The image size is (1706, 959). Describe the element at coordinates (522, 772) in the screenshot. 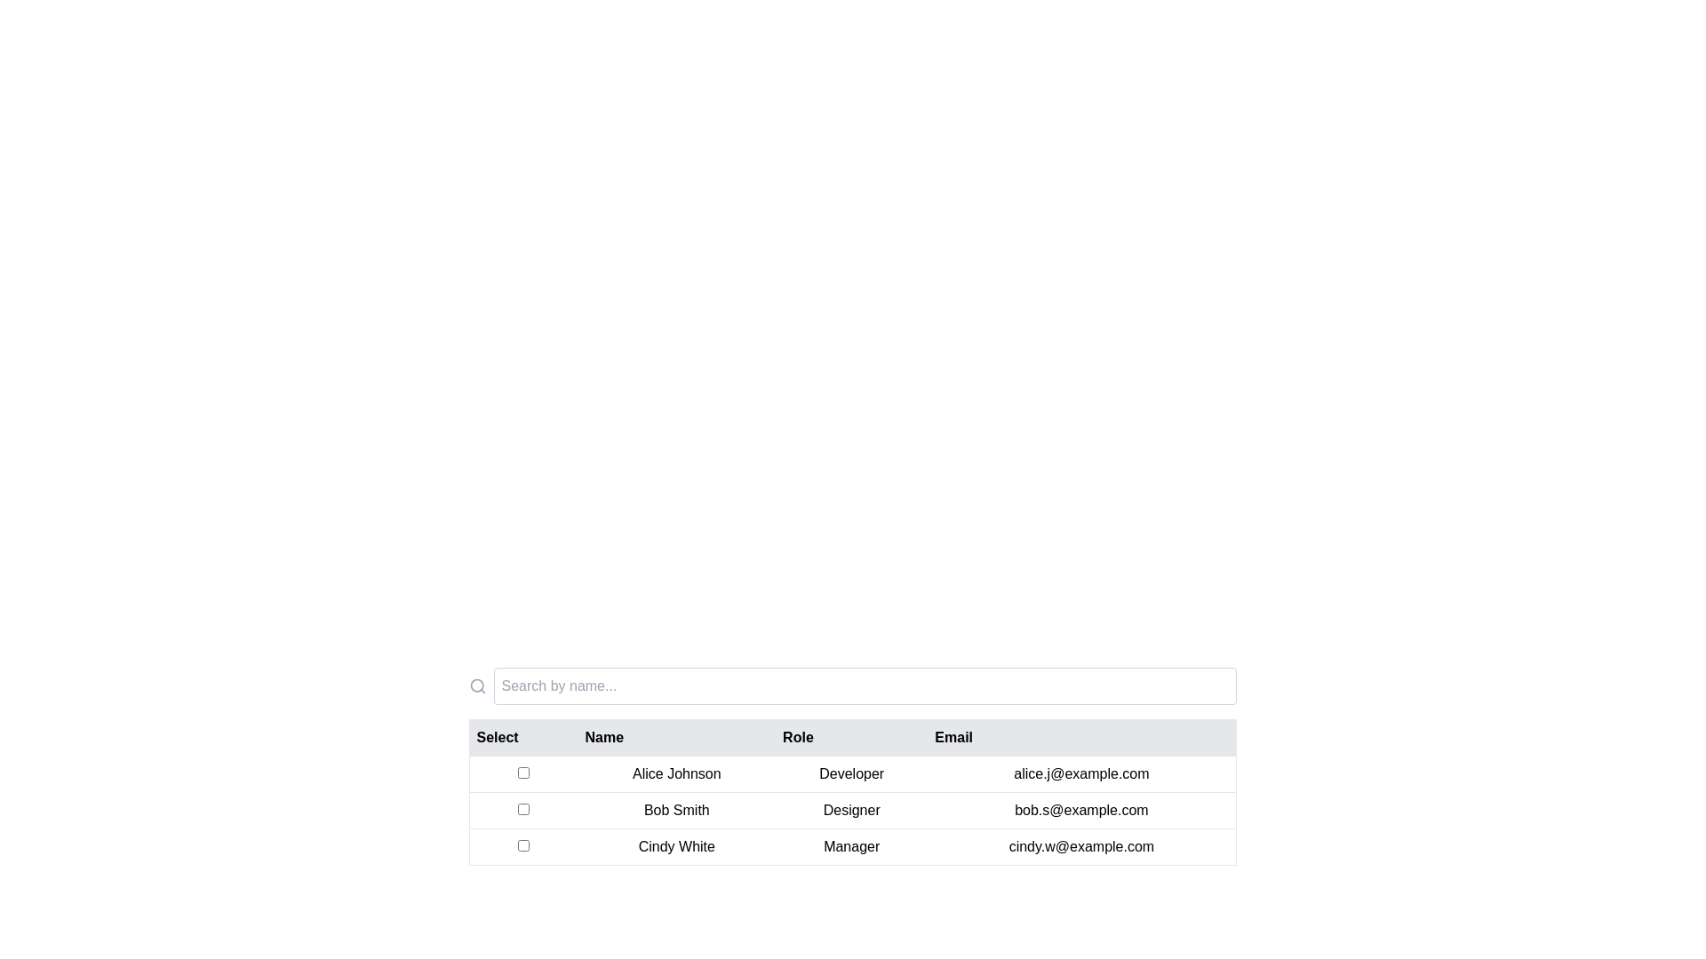

I see `the checkbox in the leftmost column of the table` at that location.